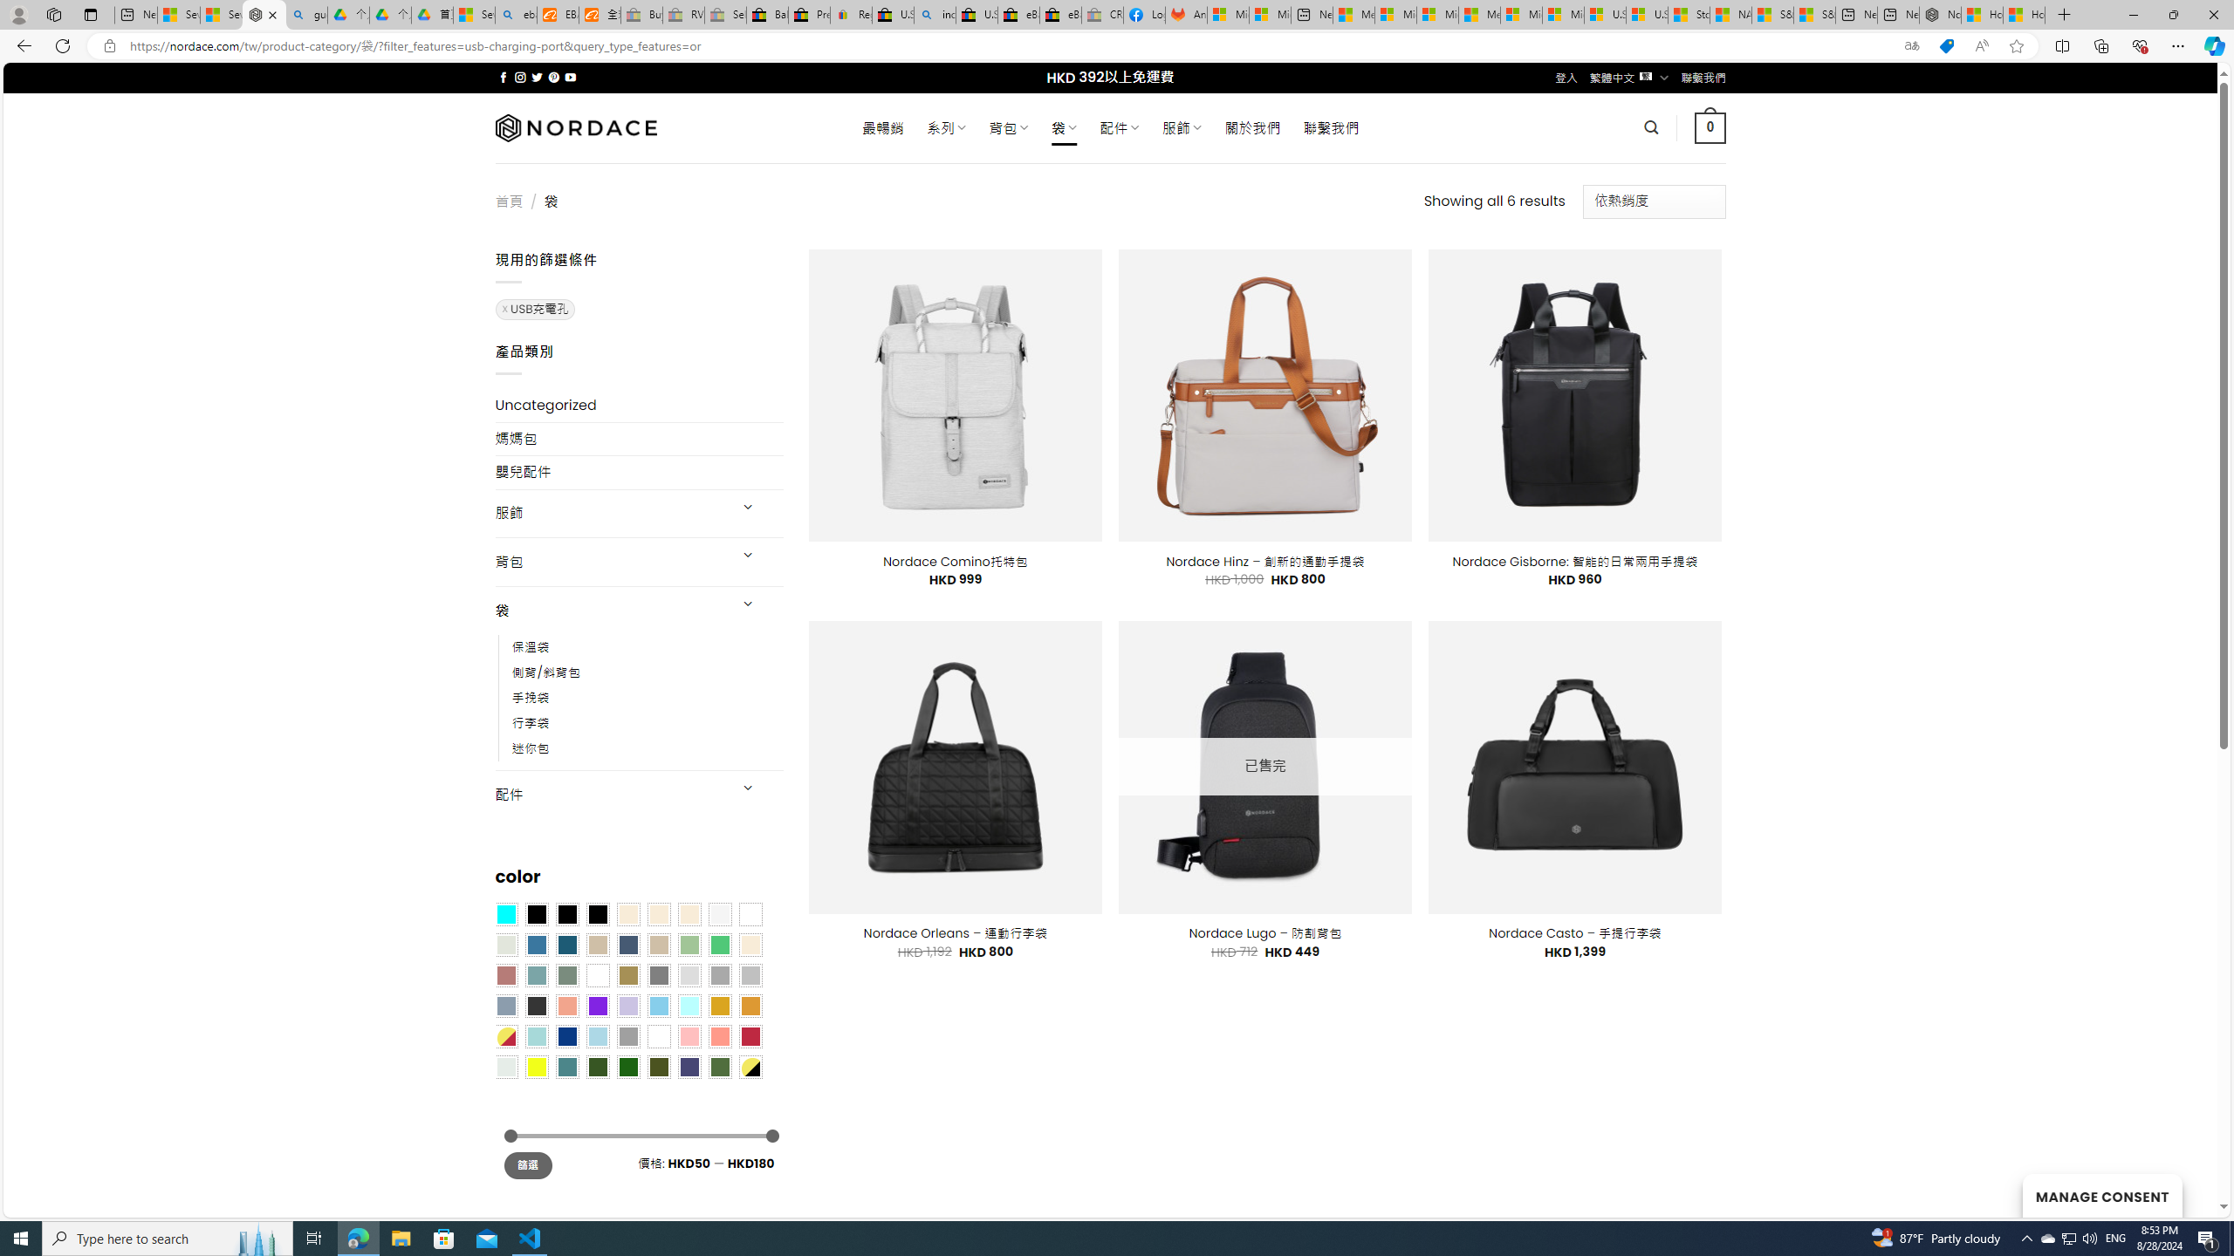 The image size is (2234, 1256). What do you see at coordinates (1145, 14) in the screenshot?
I see `'Log into Facebook'` at bounding box center [1145, 14].